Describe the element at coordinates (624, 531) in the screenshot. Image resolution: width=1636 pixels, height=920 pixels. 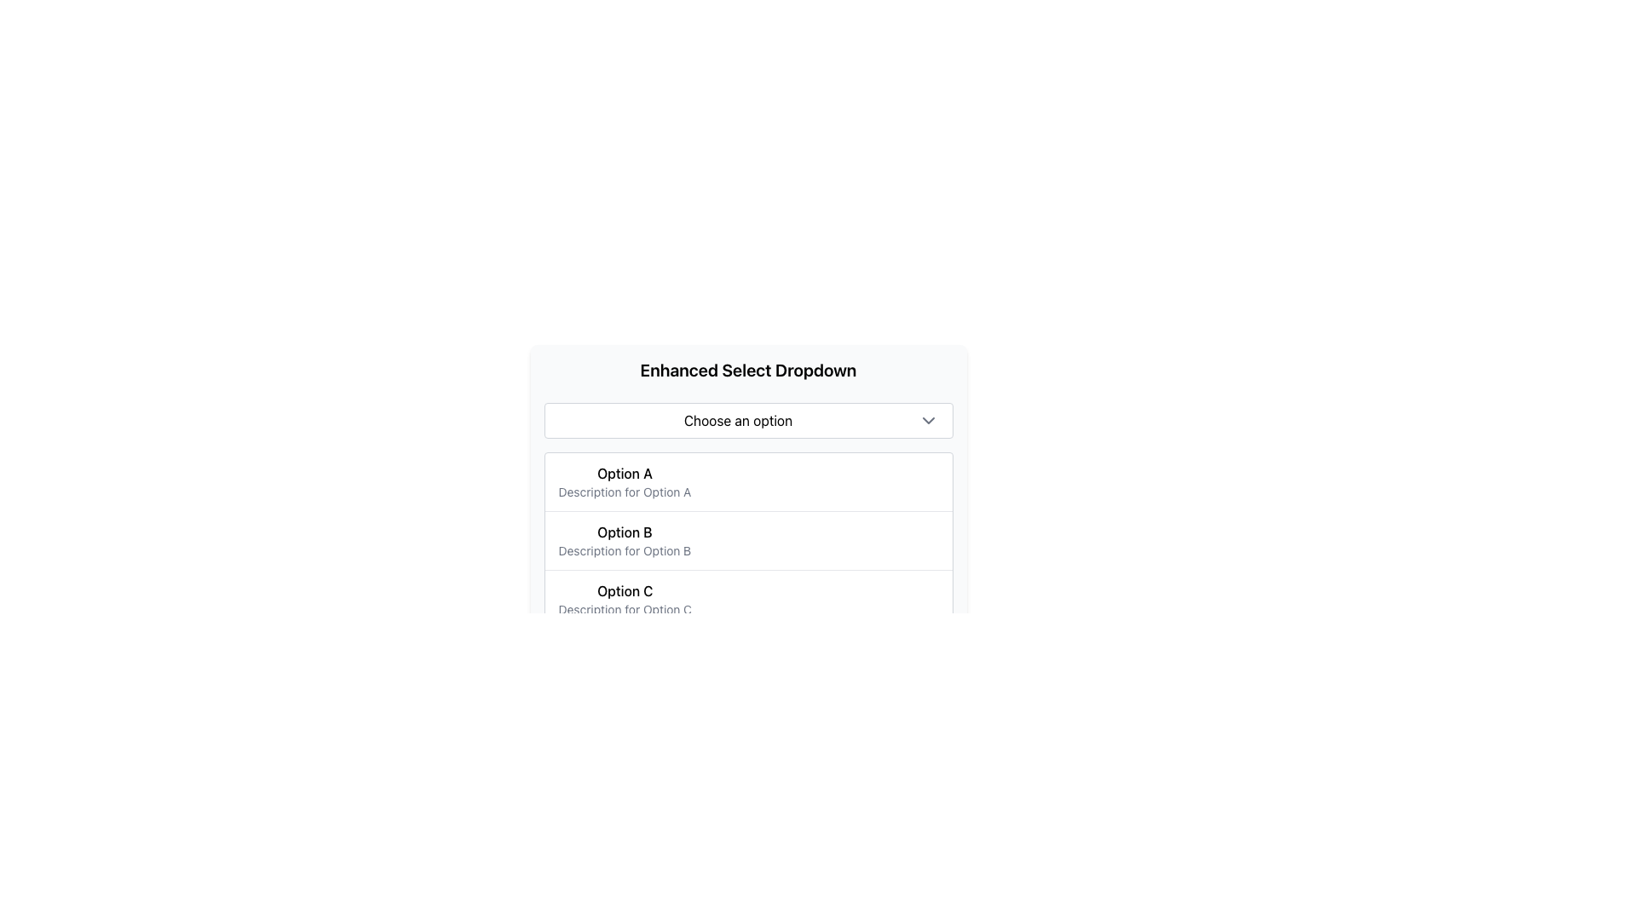
I see `the text label component representing 'Option B' within the 'Enhanced Select Dropdown' menu` at that location.